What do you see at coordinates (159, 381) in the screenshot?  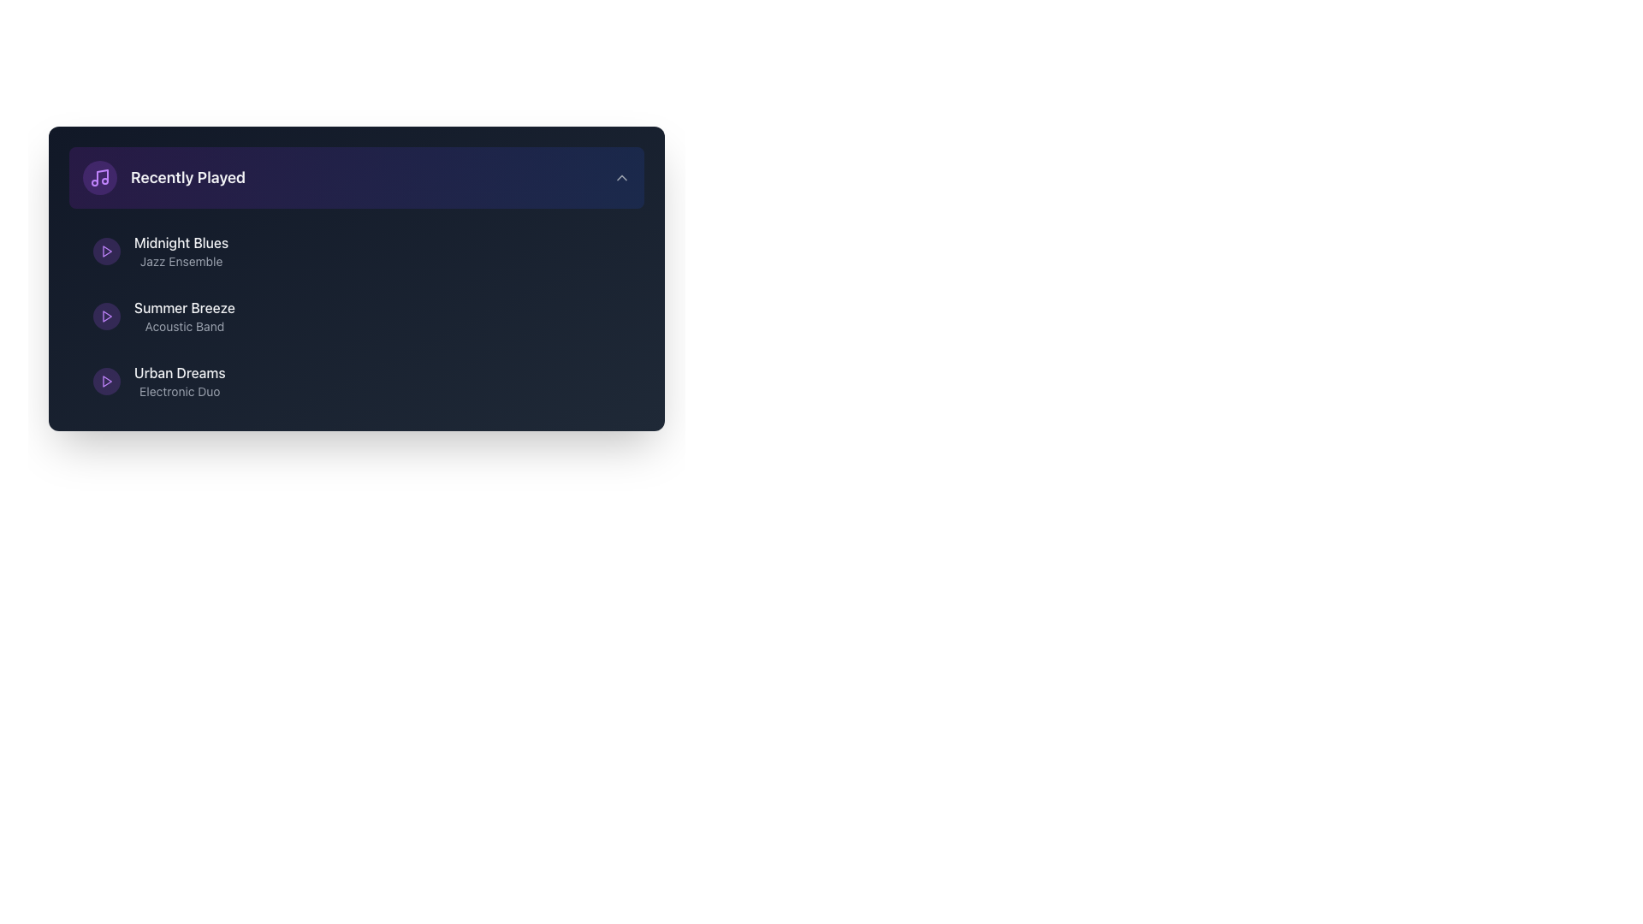 I see `the text block containing the title 'Urban Dreams' and subtitle 'Electronic Duo'` at bounding box center [159, 381].